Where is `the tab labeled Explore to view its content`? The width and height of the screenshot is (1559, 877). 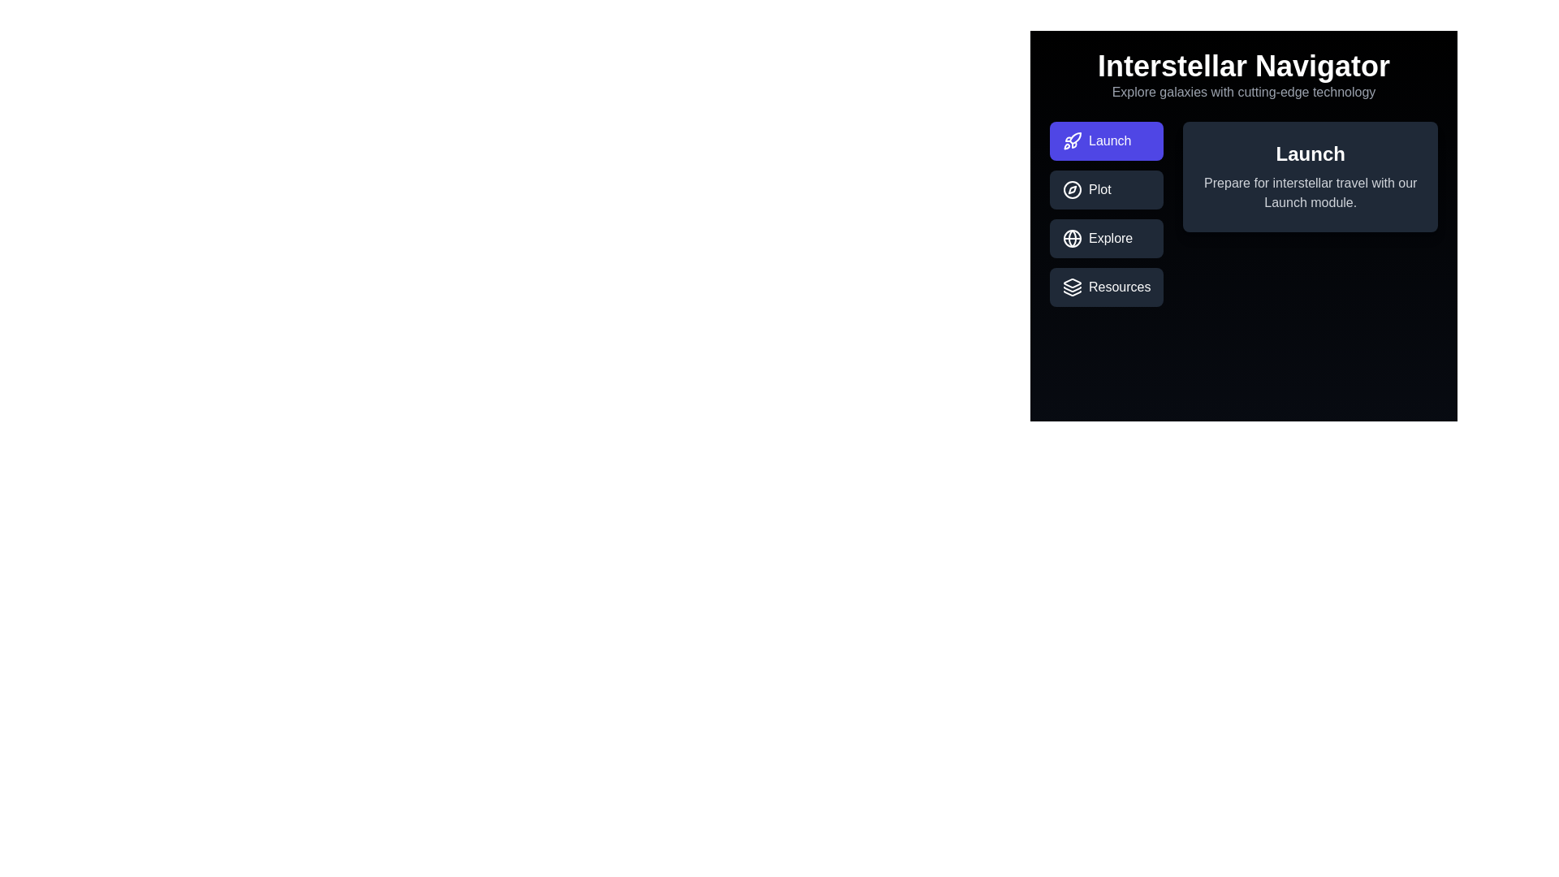 the tab labeled Explore to view its content is located at coordinates (1106, 238).